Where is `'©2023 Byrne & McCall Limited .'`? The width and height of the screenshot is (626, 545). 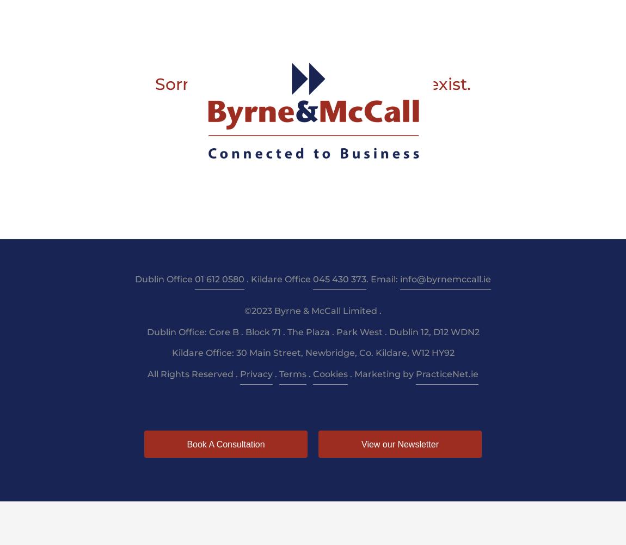 '©2023 Byrne & McCall Limited .' is located at coordinates (313, 310).